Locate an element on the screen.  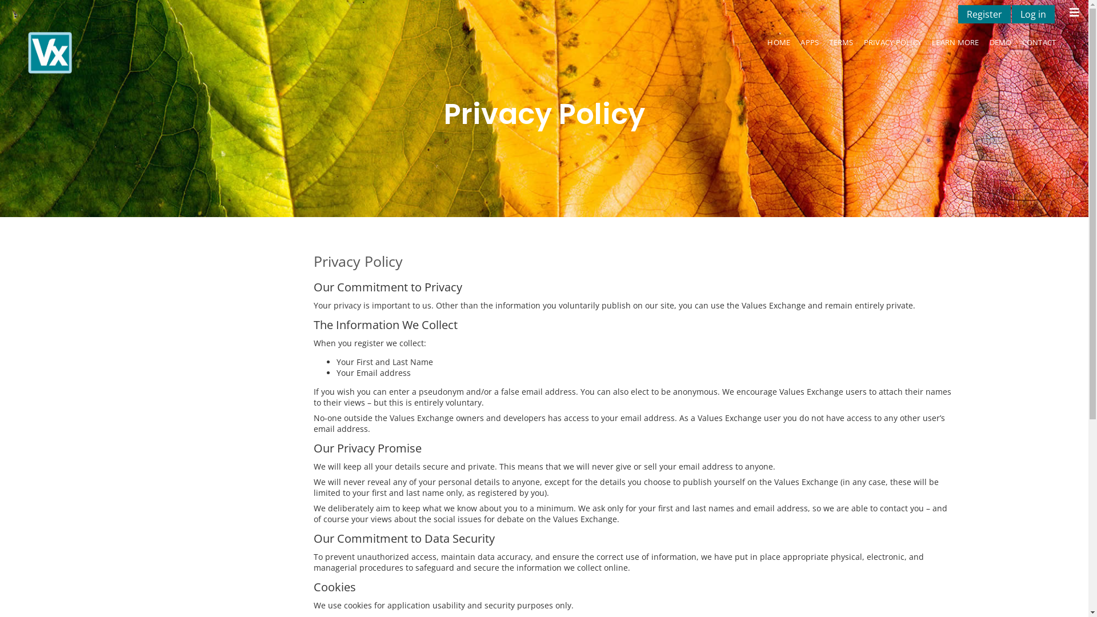
'APPS' is located at coordinates (795, 41).